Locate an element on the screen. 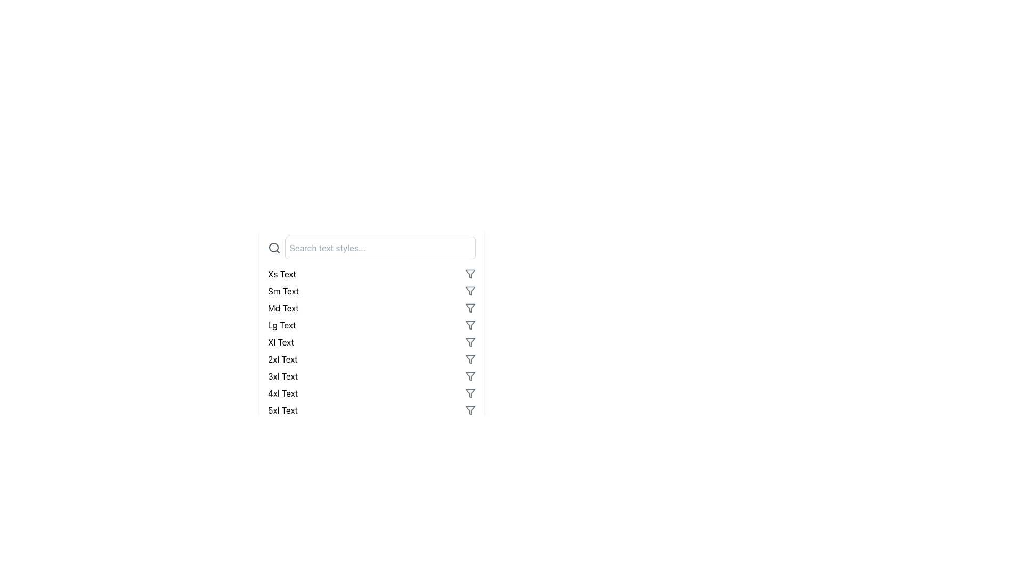 The width and height of the screenshot is (1023, 575). the 'Xl Text' size option within the vertical list of text size options is located at coordinates (371, 343).